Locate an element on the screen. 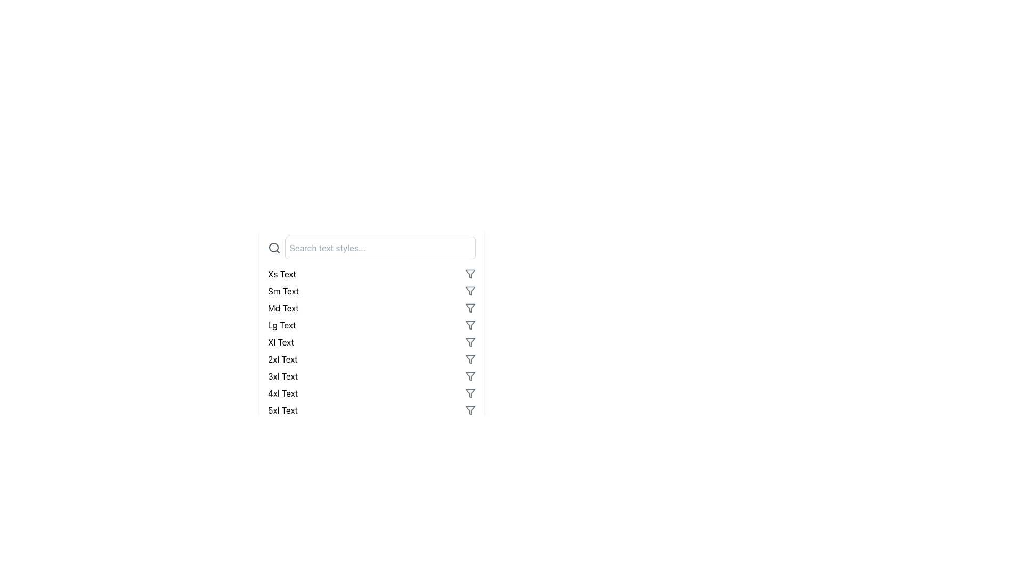 The width and height of the screenshot is (1023, 575). the 'Xl Text' size option within the vertical list of text size options is located at coordinates (371, 343).